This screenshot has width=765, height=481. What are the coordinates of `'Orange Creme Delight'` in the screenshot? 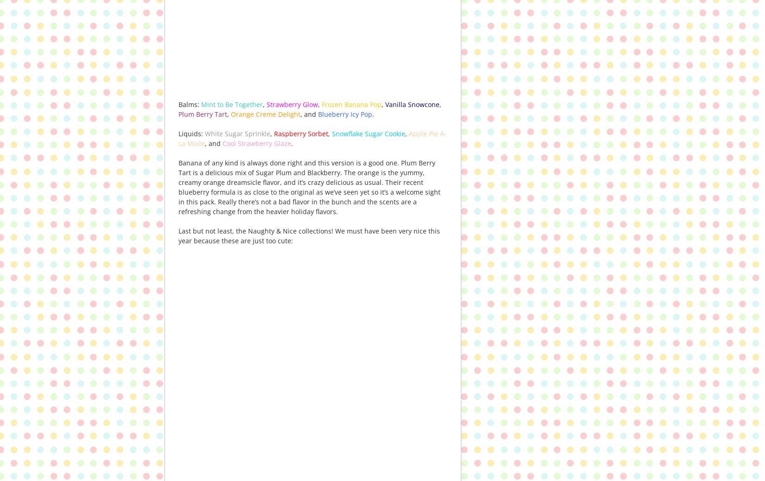 It's located at (265, 113).